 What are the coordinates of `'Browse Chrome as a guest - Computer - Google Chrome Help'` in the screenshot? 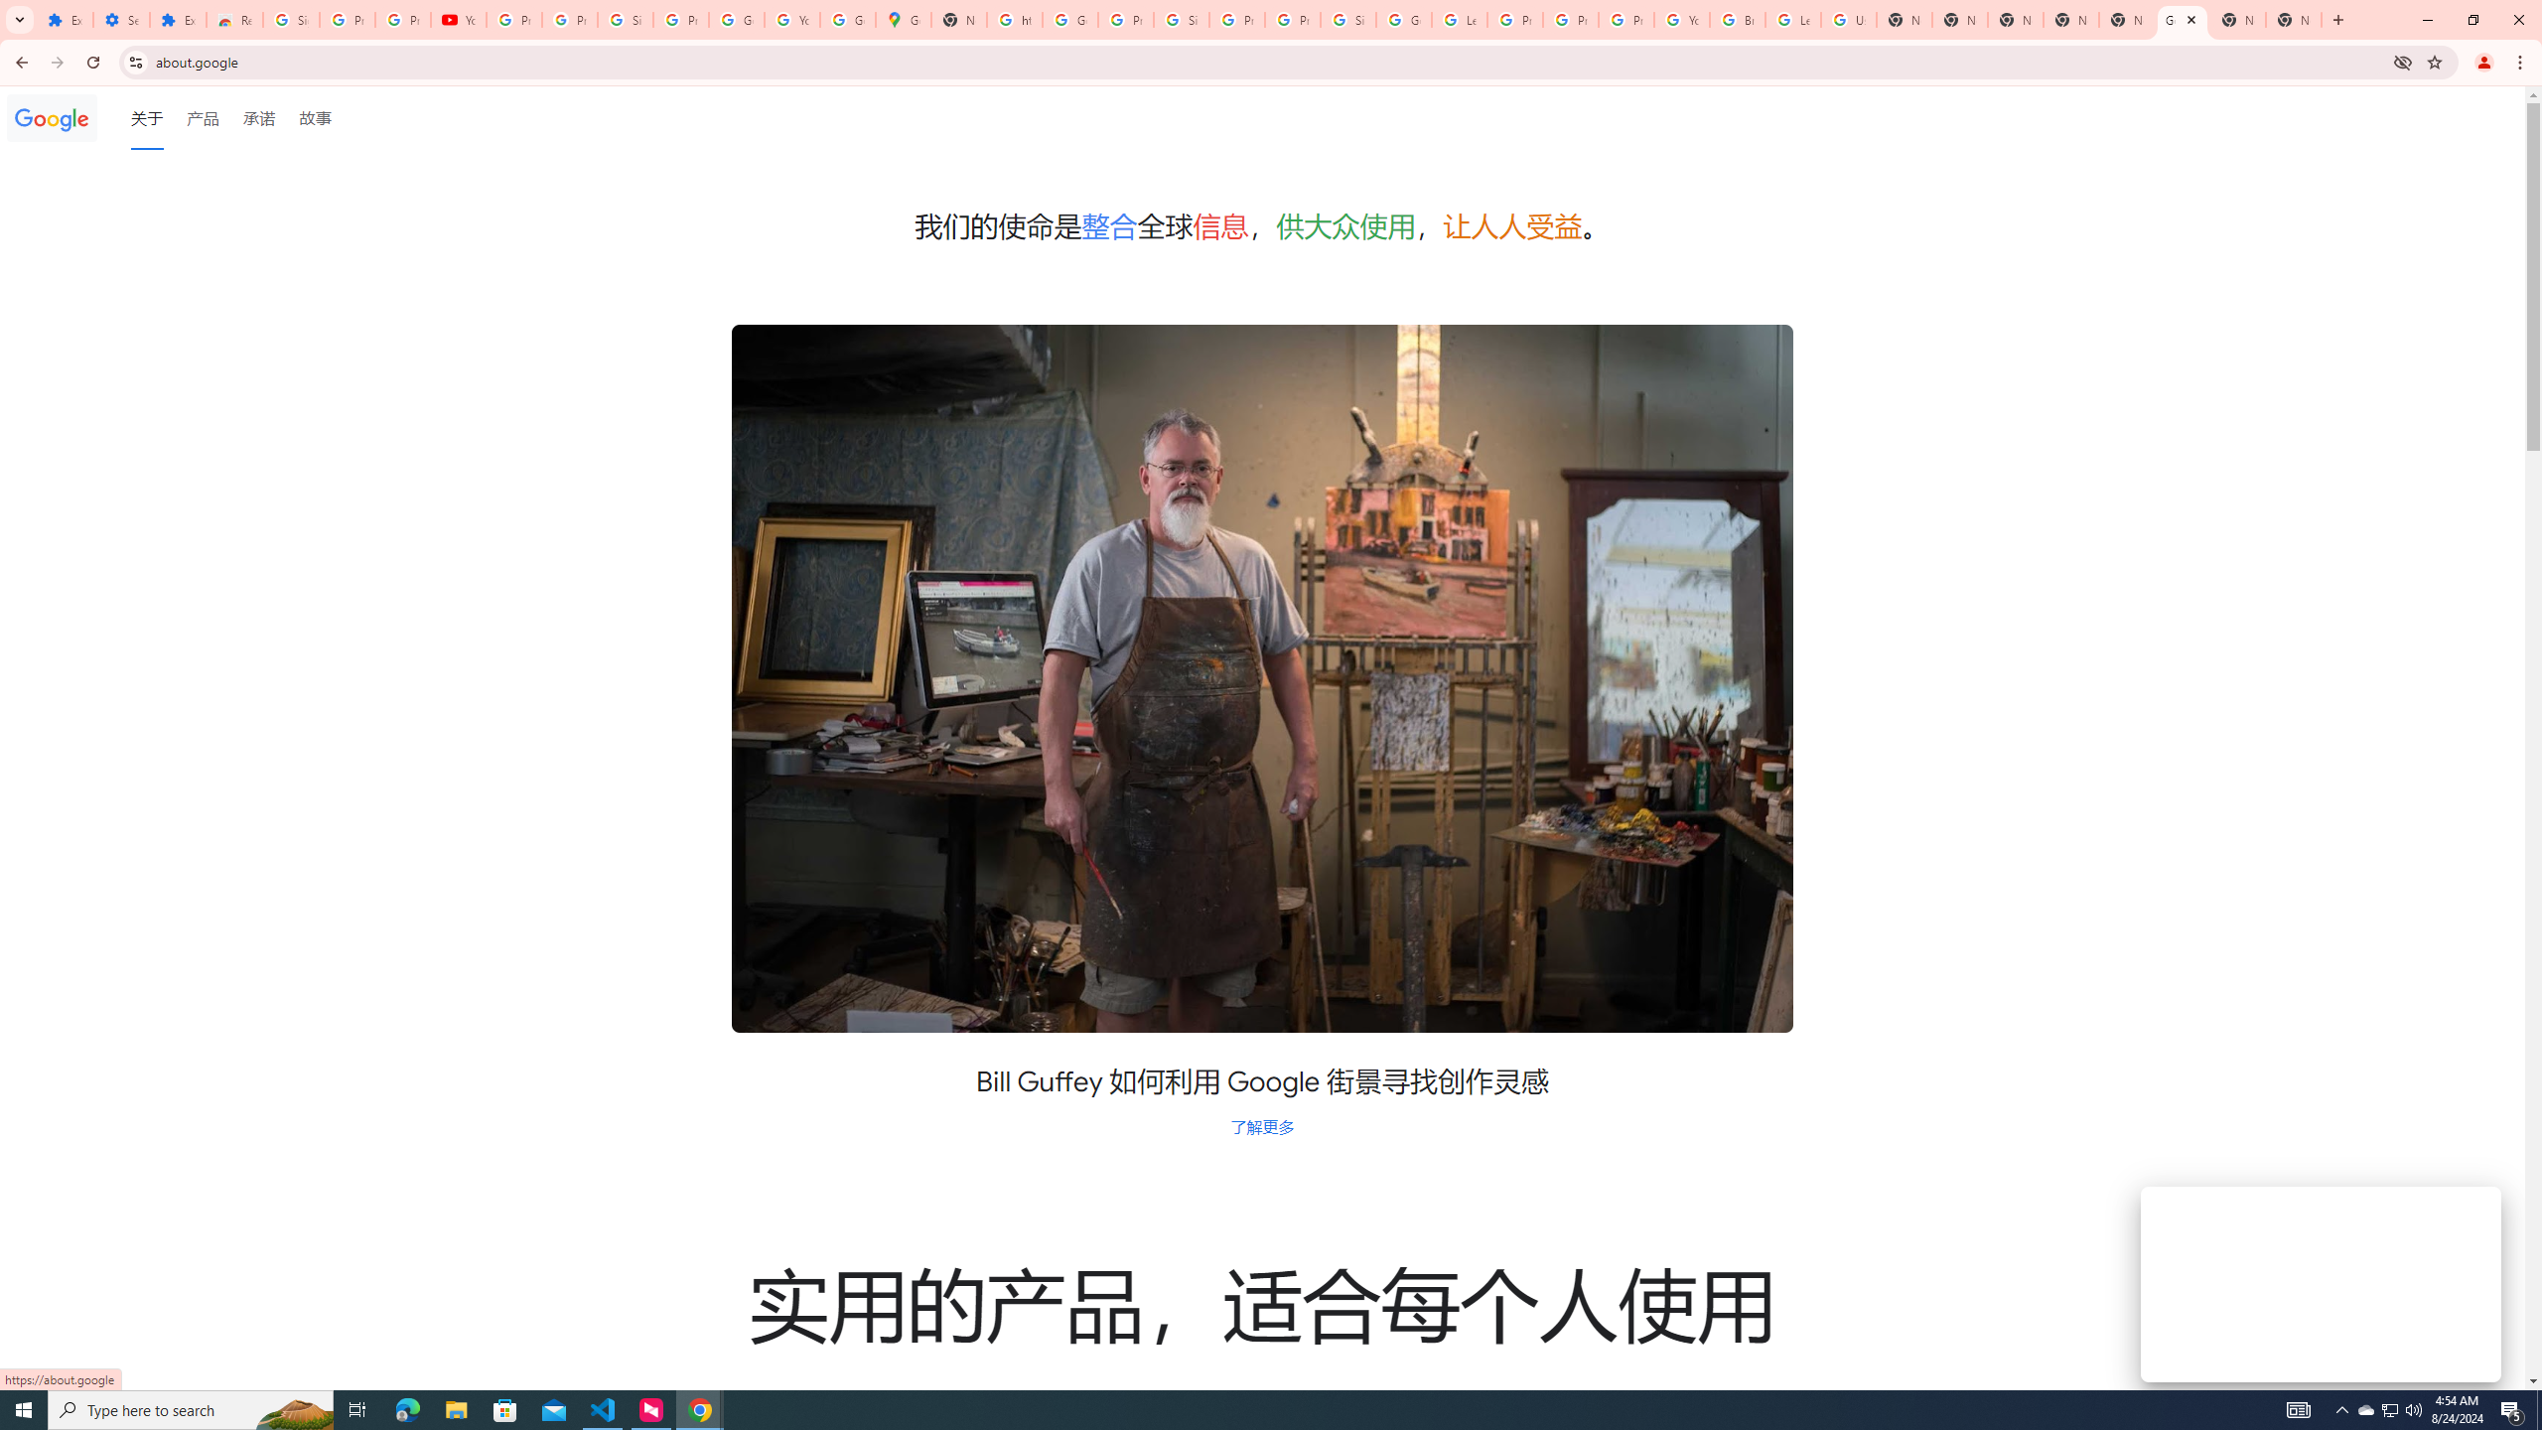 It's located at (1736, 19).